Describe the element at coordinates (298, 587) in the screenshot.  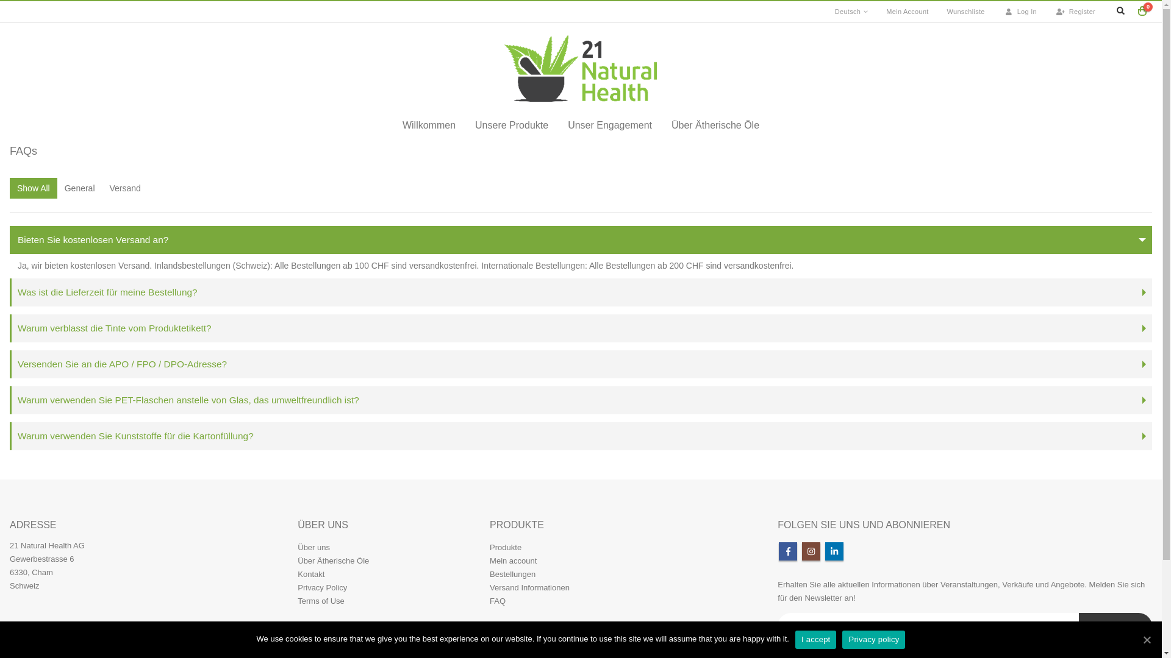
I see `'Privacy Policy'` at that location.